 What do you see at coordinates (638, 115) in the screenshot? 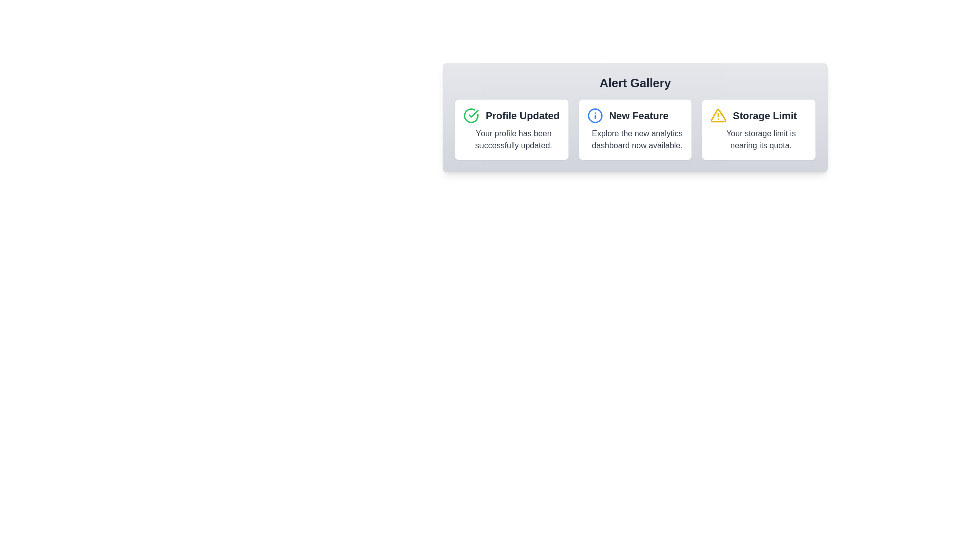
I see `text label that serves as a title in the 'Alert Gallery' card layout, positioned centrally with an information icon preceding it` at bounding box center [638, 115].